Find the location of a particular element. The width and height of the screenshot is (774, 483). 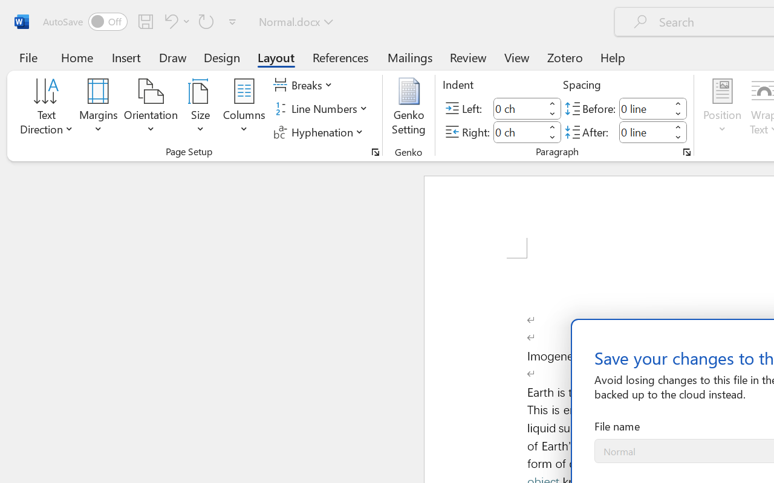

'Indent Left' is located at coordinates (519, 107).